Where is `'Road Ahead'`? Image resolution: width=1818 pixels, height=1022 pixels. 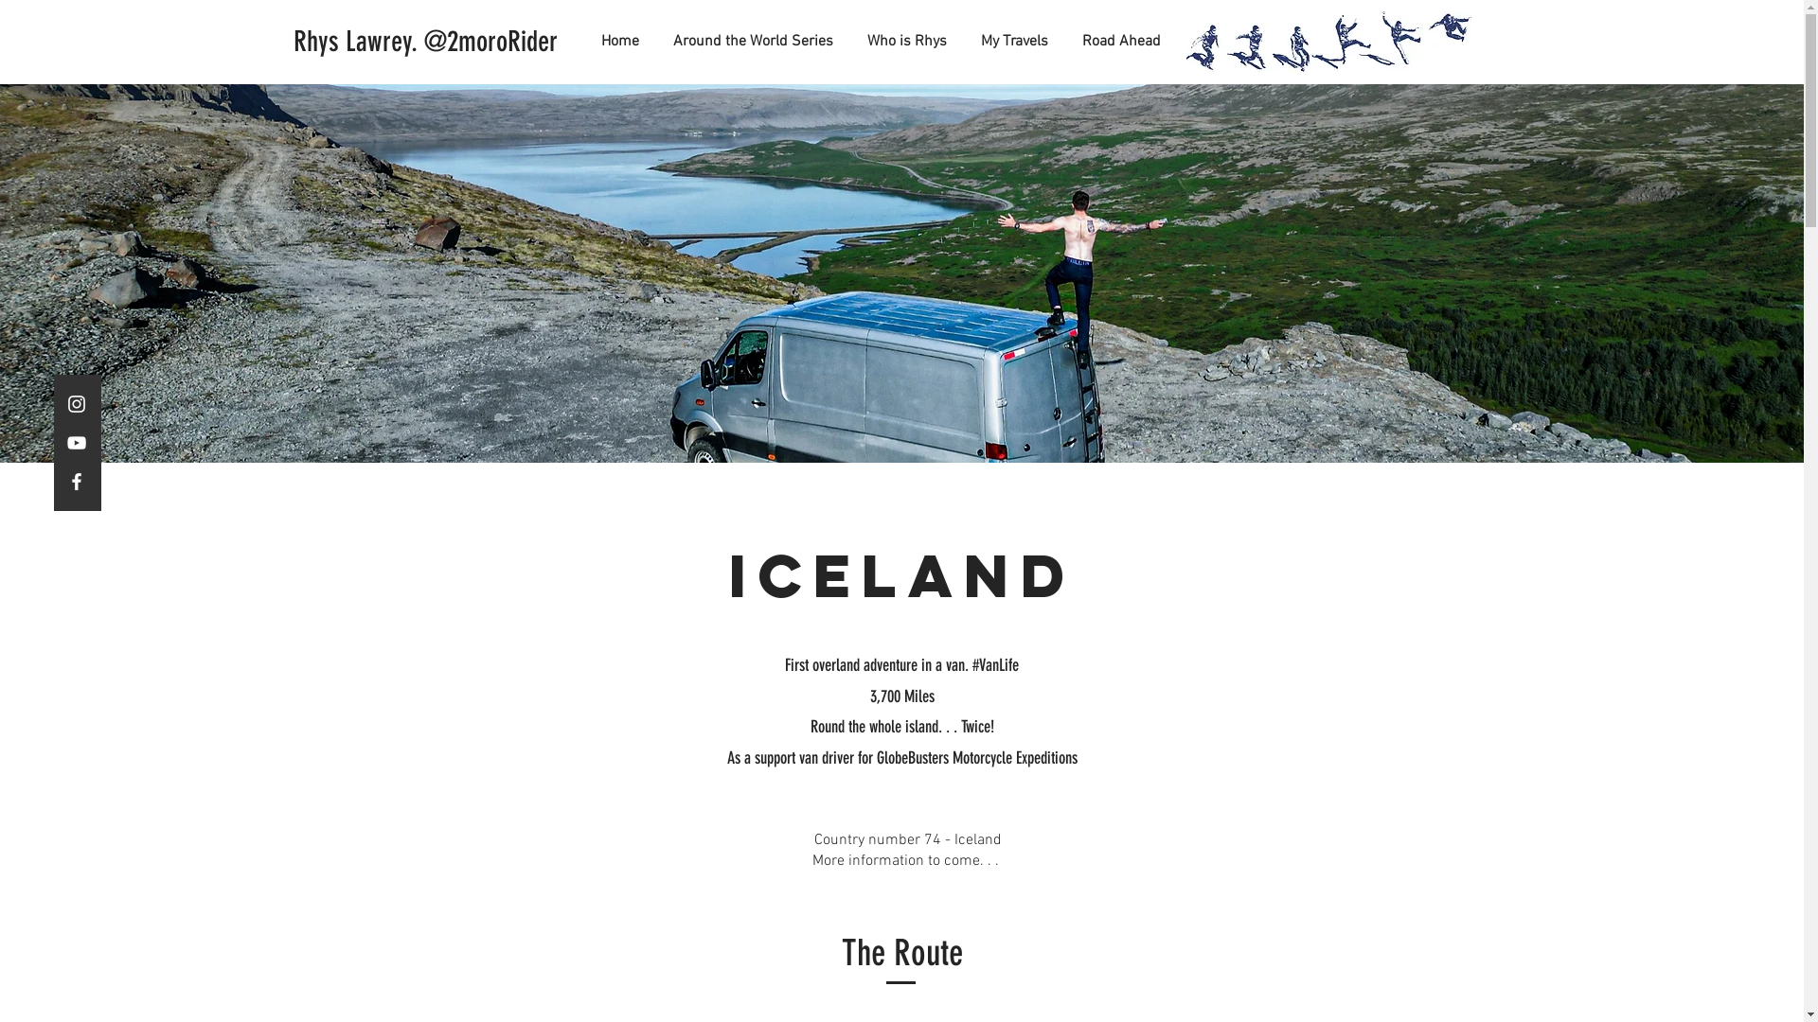 'Road Ahead' is located at coordinates (1056, 41).